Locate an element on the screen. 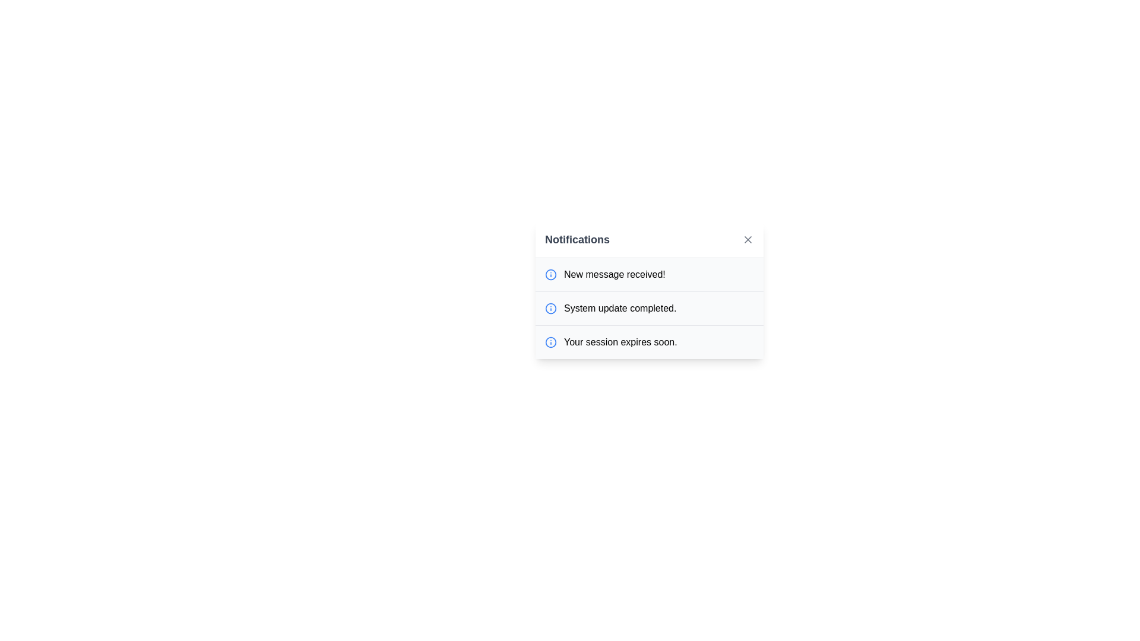 The image size is (1140, 641). the circular decorative graphic element, which is located at the center of the info icon in the top notification row of the notification panel is located at coordinates (550, 307).